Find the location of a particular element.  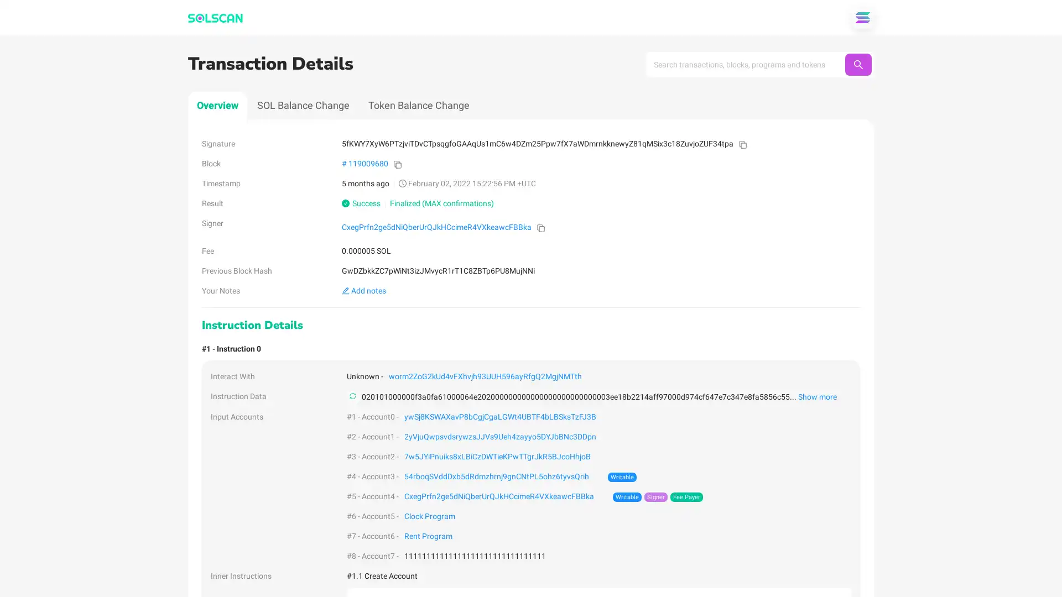

search is located at coordinates (857, 64).